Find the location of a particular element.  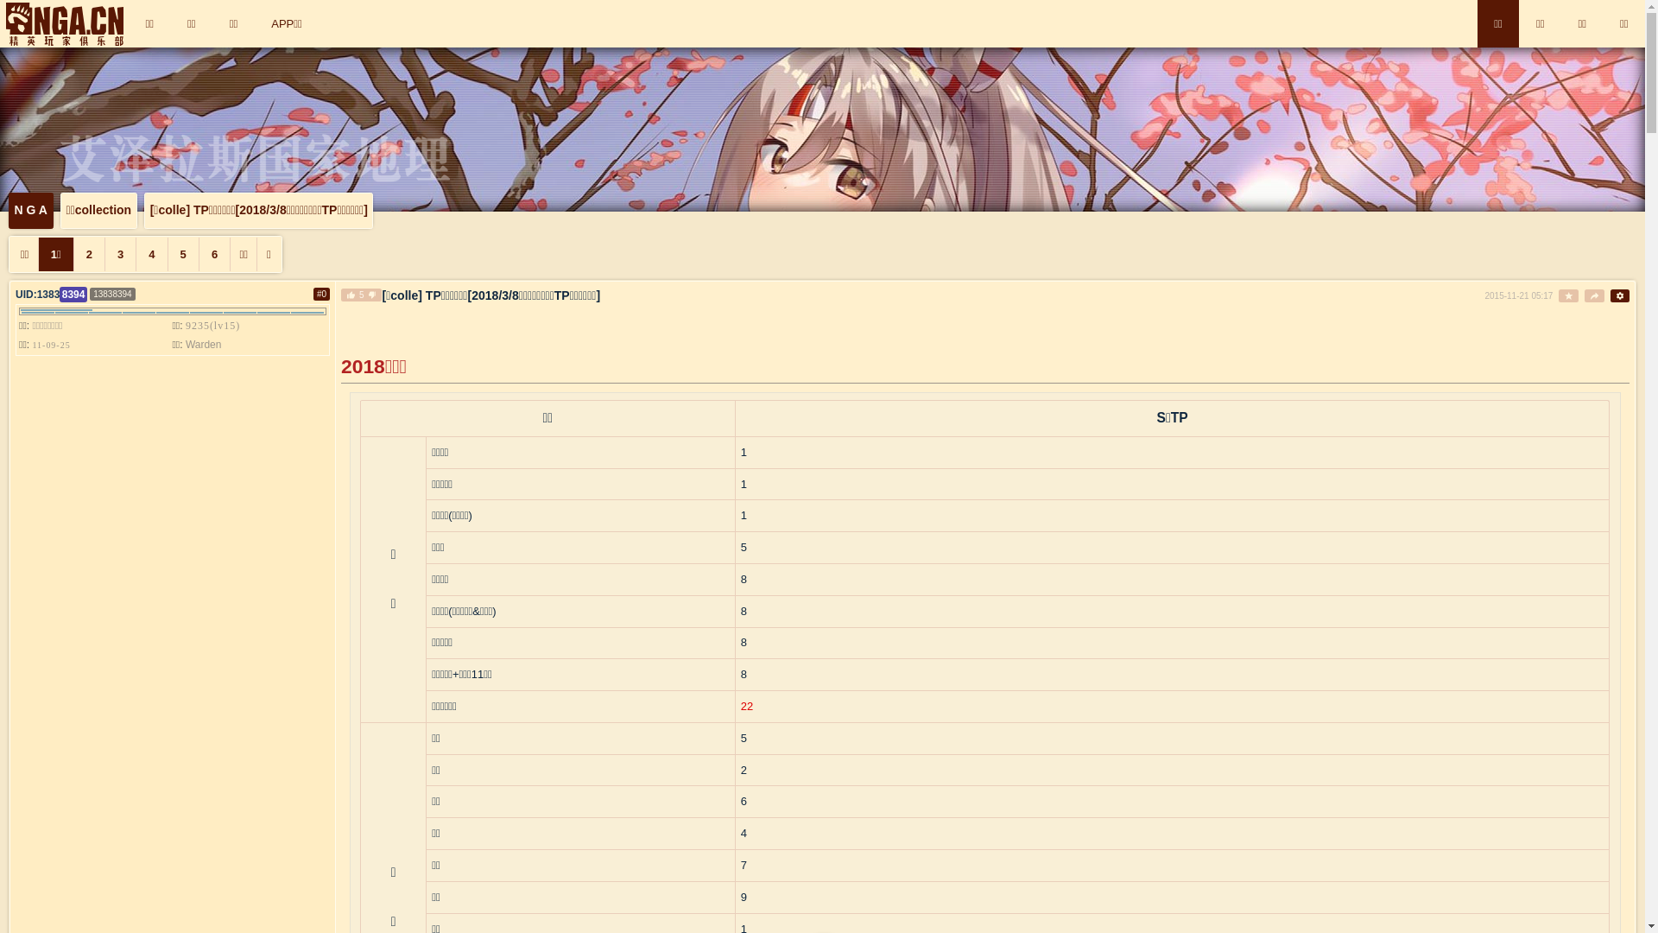

' 5 ' is located at coordinates (182, 254).